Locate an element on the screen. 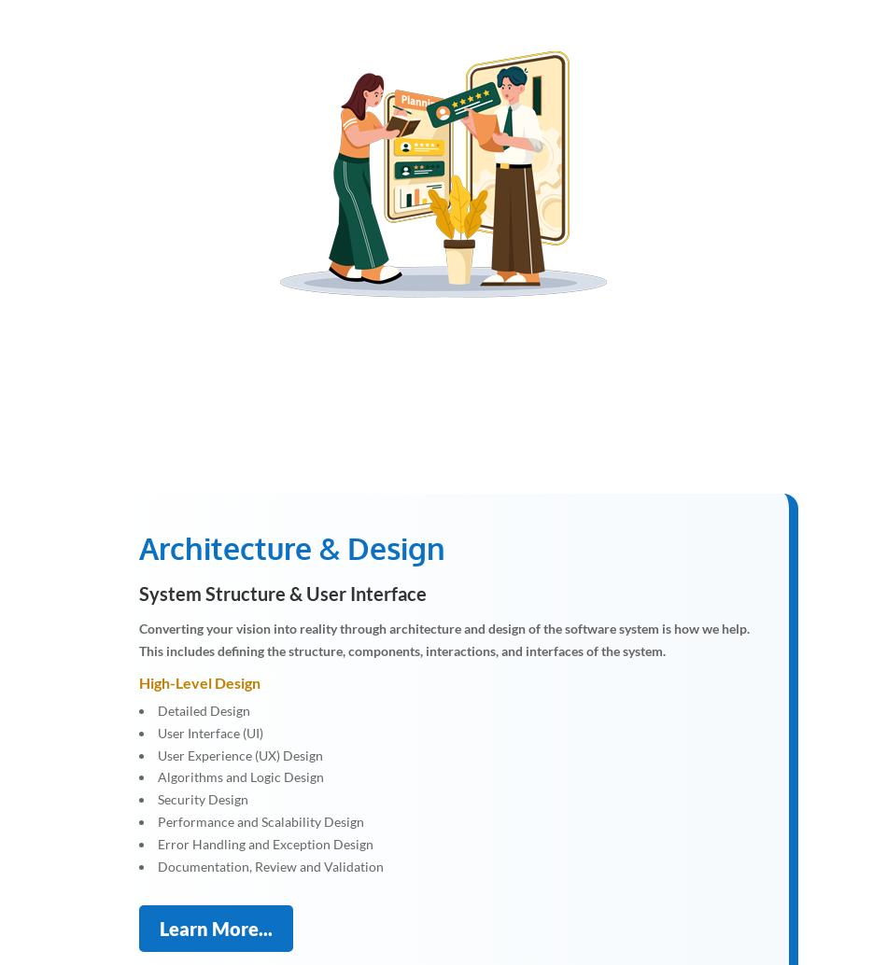 The height and width of the screenshot is (965, 887). 'Algorithms and Logic Design' is located at coordinates (240, 776).